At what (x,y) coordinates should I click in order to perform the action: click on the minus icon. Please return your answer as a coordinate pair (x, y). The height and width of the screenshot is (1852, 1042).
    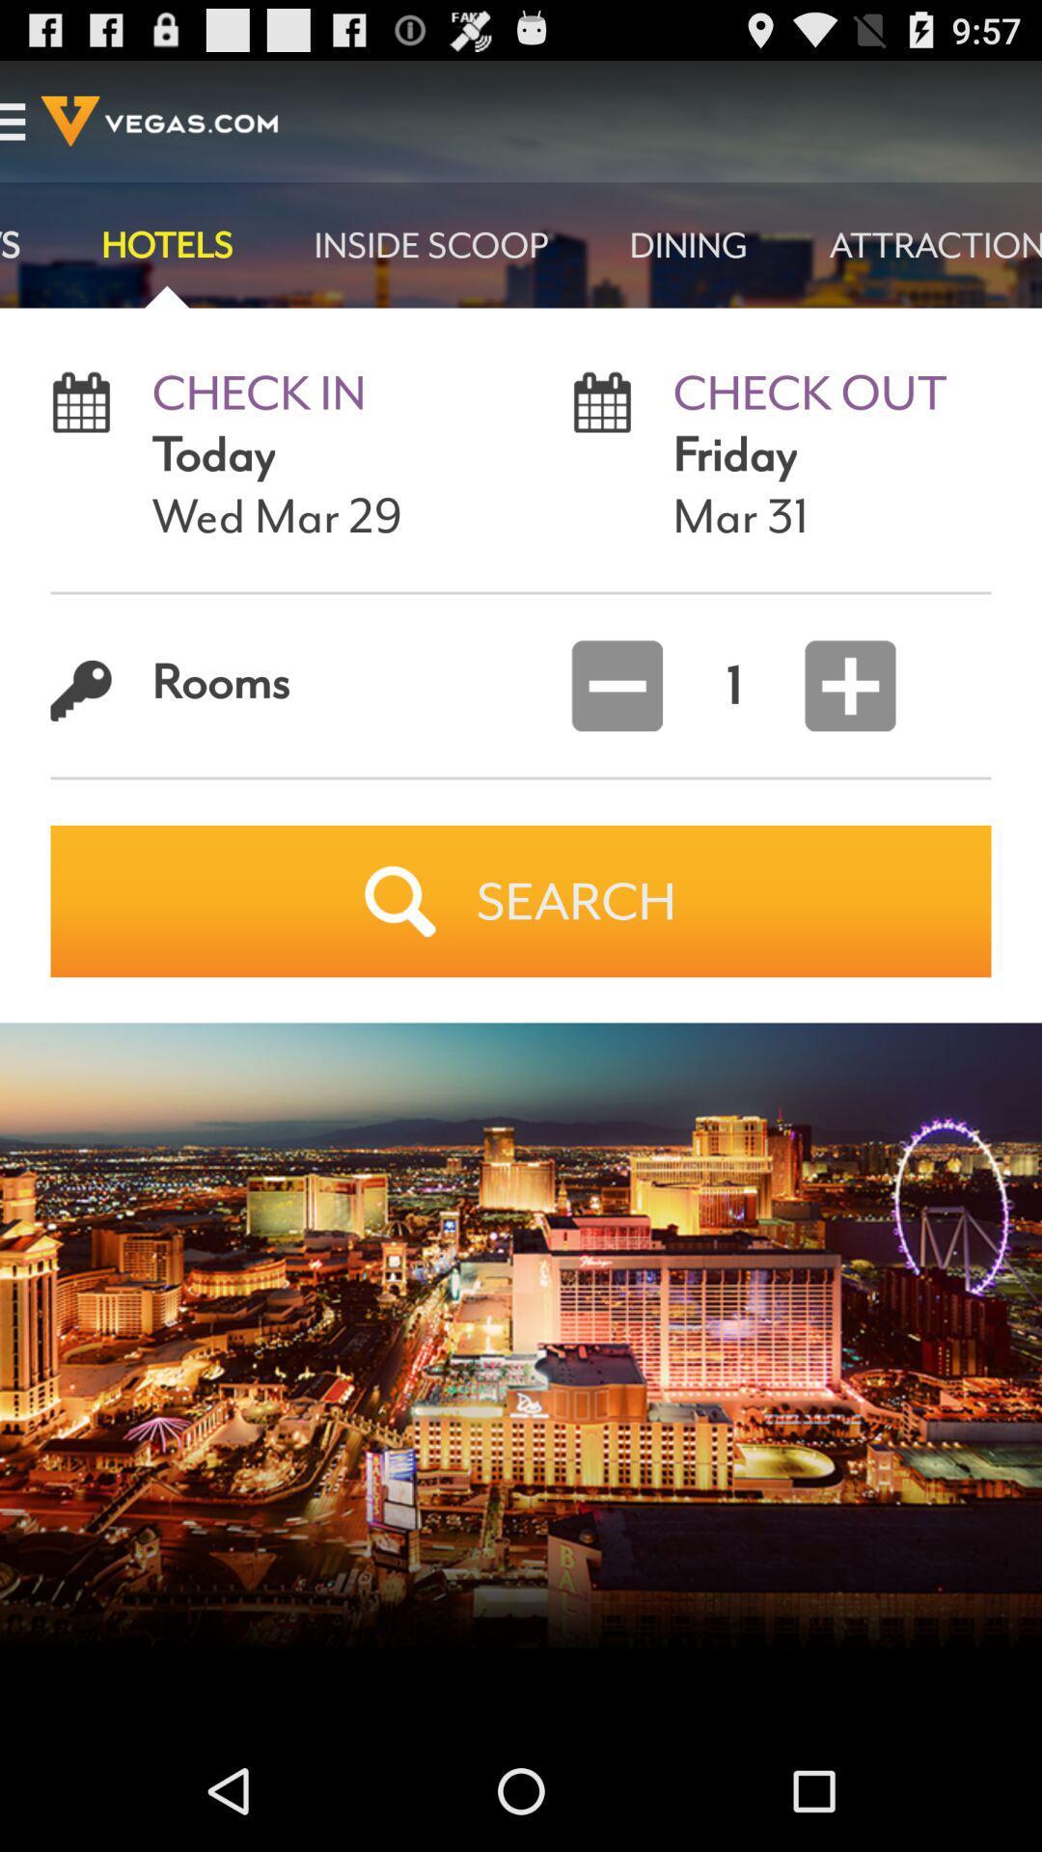
    Looking at the image, I should click on (617, 732).